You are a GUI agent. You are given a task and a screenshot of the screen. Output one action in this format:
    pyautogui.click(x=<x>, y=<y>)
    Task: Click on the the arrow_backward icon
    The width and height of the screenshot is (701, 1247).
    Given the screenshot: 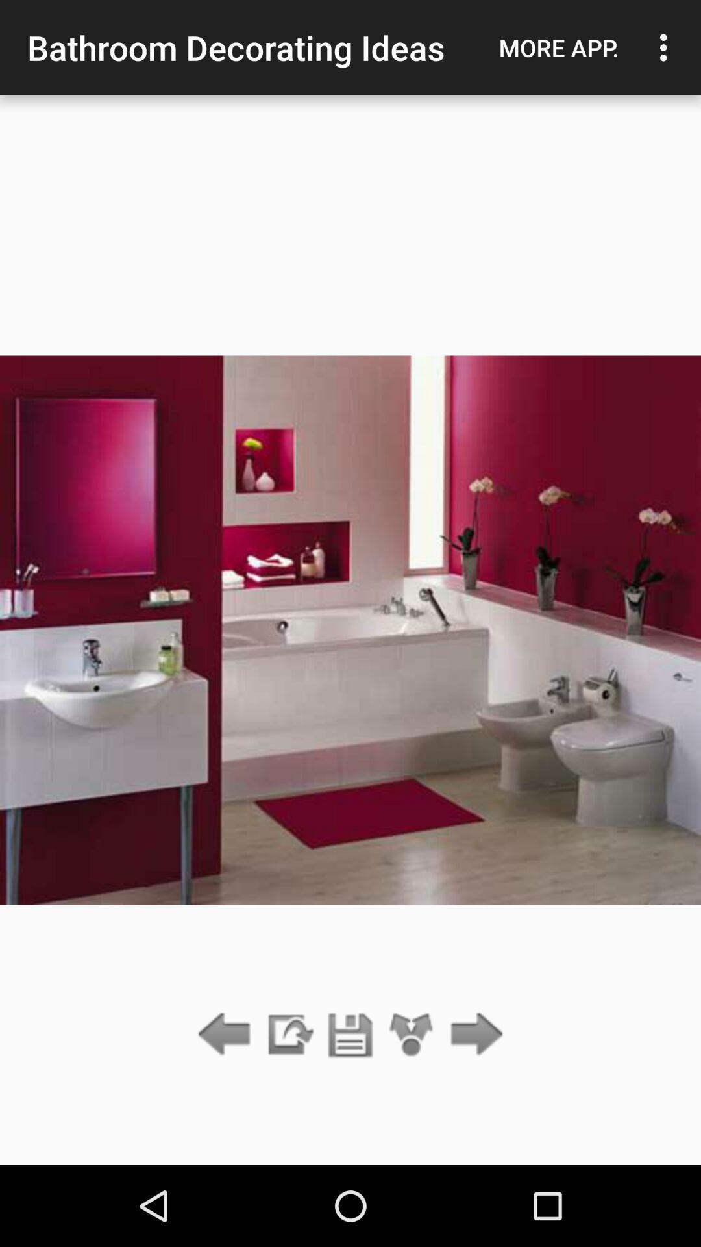 What is the action you would take?
    pyautogui.click(x=227, y=1035)
    